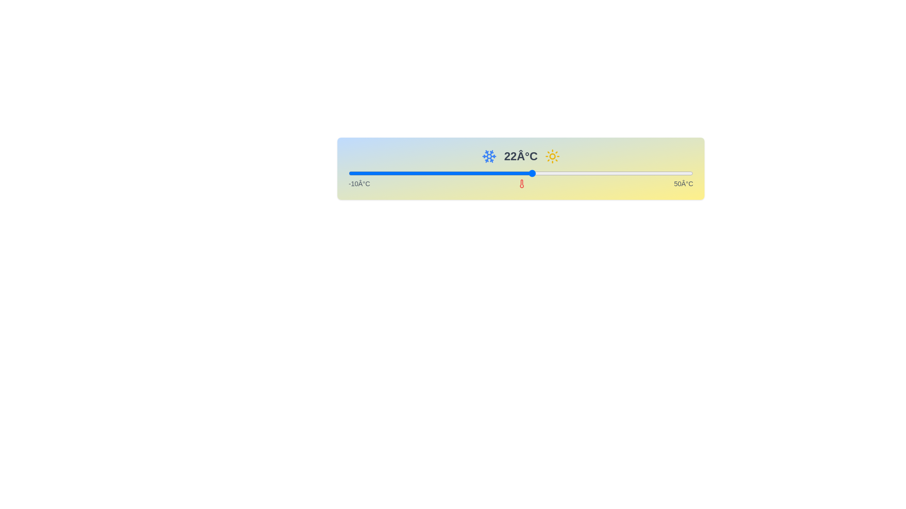  What do you see at coordinates (553, 156) in the screenshot?
I see `the Sun icon` at bounding box center [553, 156].